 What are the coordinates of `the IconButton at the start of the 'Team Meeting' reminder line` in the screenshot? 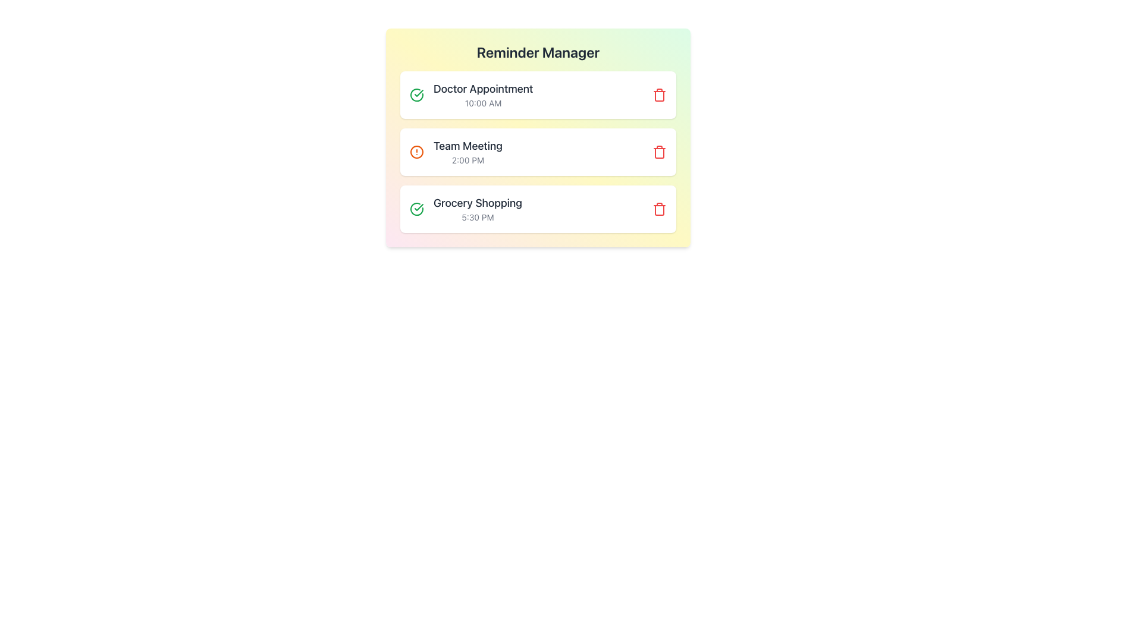 It's located at (416, 151).